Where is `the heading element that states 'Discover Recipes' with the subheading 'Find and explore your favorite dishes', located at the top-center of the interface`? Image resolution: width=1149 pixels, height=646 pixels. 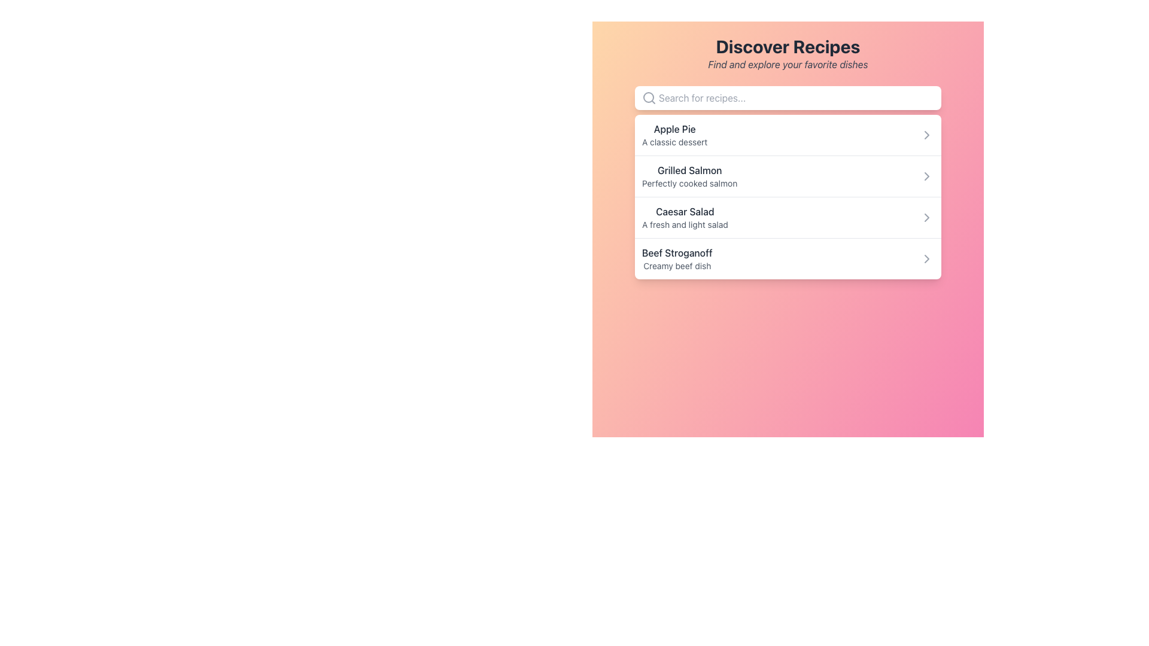
the heading element that states 'Discover Recipes' with the subheading 'Find and explore your favorite dishes', located at the top-center of the interface is located at coordinates (788, 53).